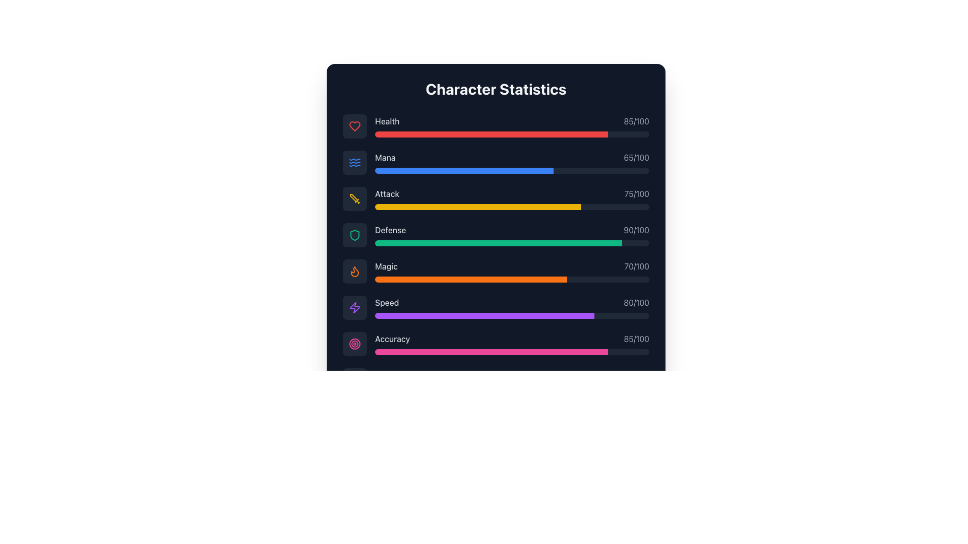  What do you see at coordinates (492, 351) in the screenshot?
I see `the visual representation of the filled area of the progress bar indicating 85% completion for the 'Accuracy' metric in the character statistics` at bounding box center [492, 351].